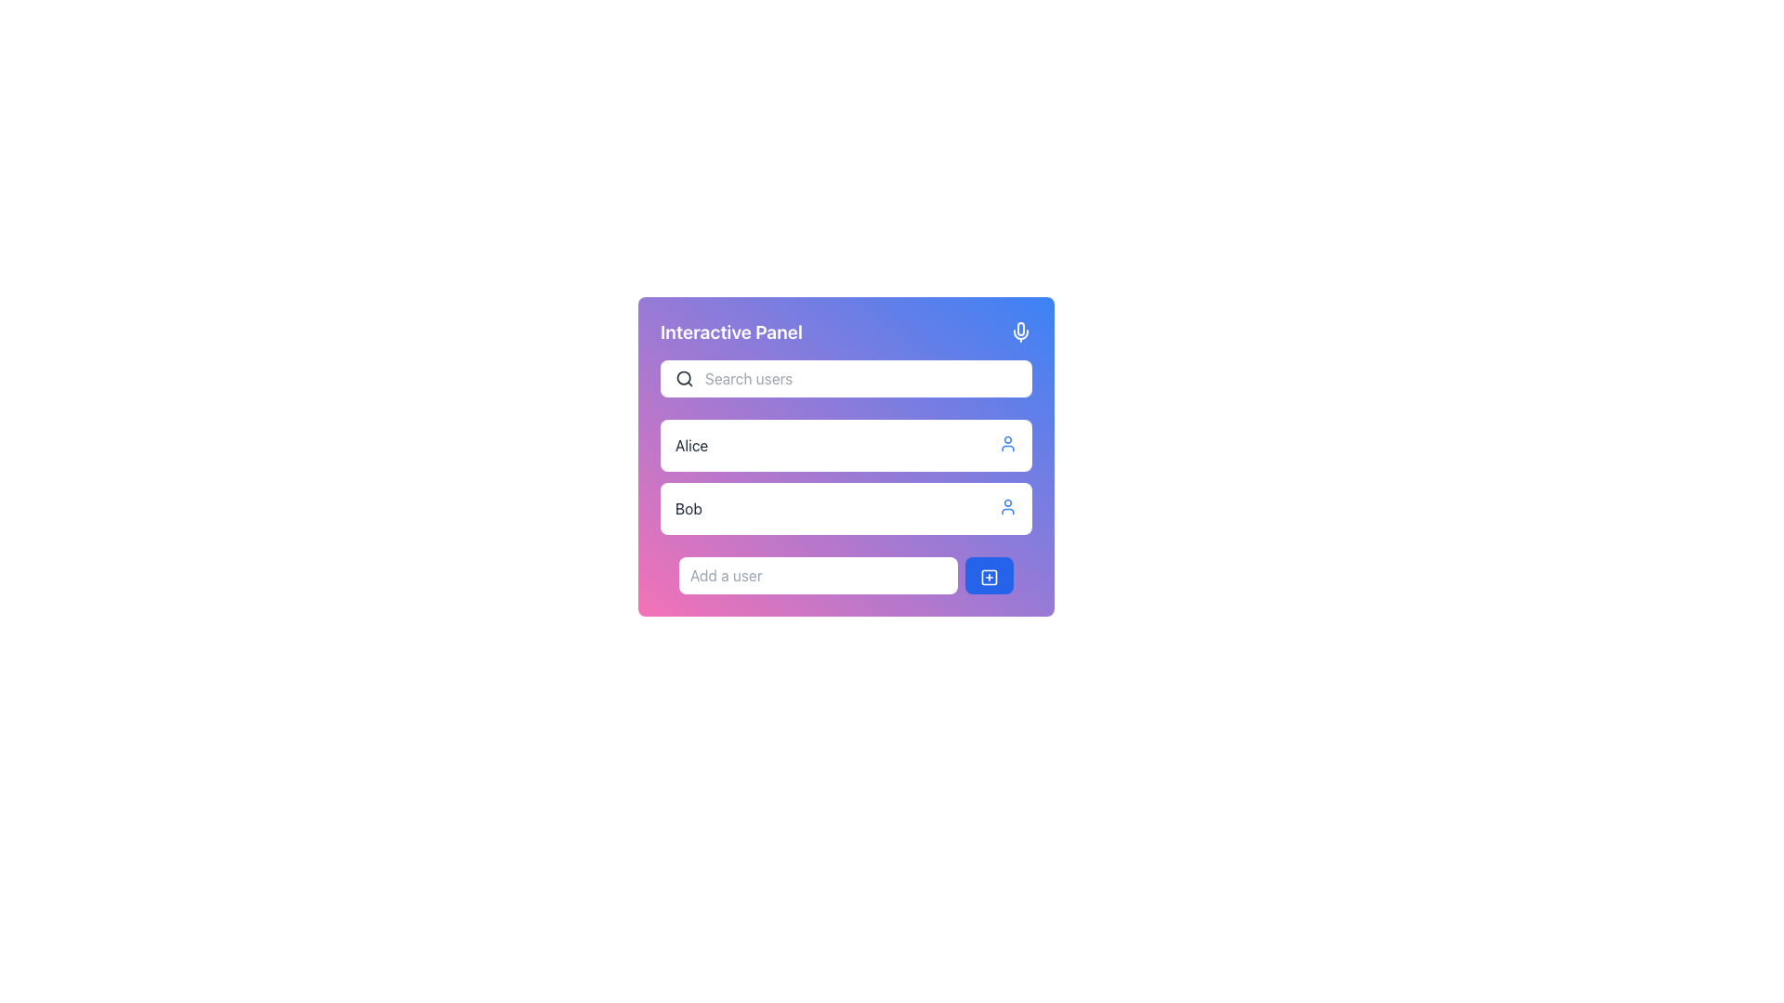 The width and height of the screenshot is (1784, 1003). I want to click on the search icon located on the left side of the search input field within the 'Interactive Panel', which serves as a visual indicator for the search functionality, so click(684, 378).